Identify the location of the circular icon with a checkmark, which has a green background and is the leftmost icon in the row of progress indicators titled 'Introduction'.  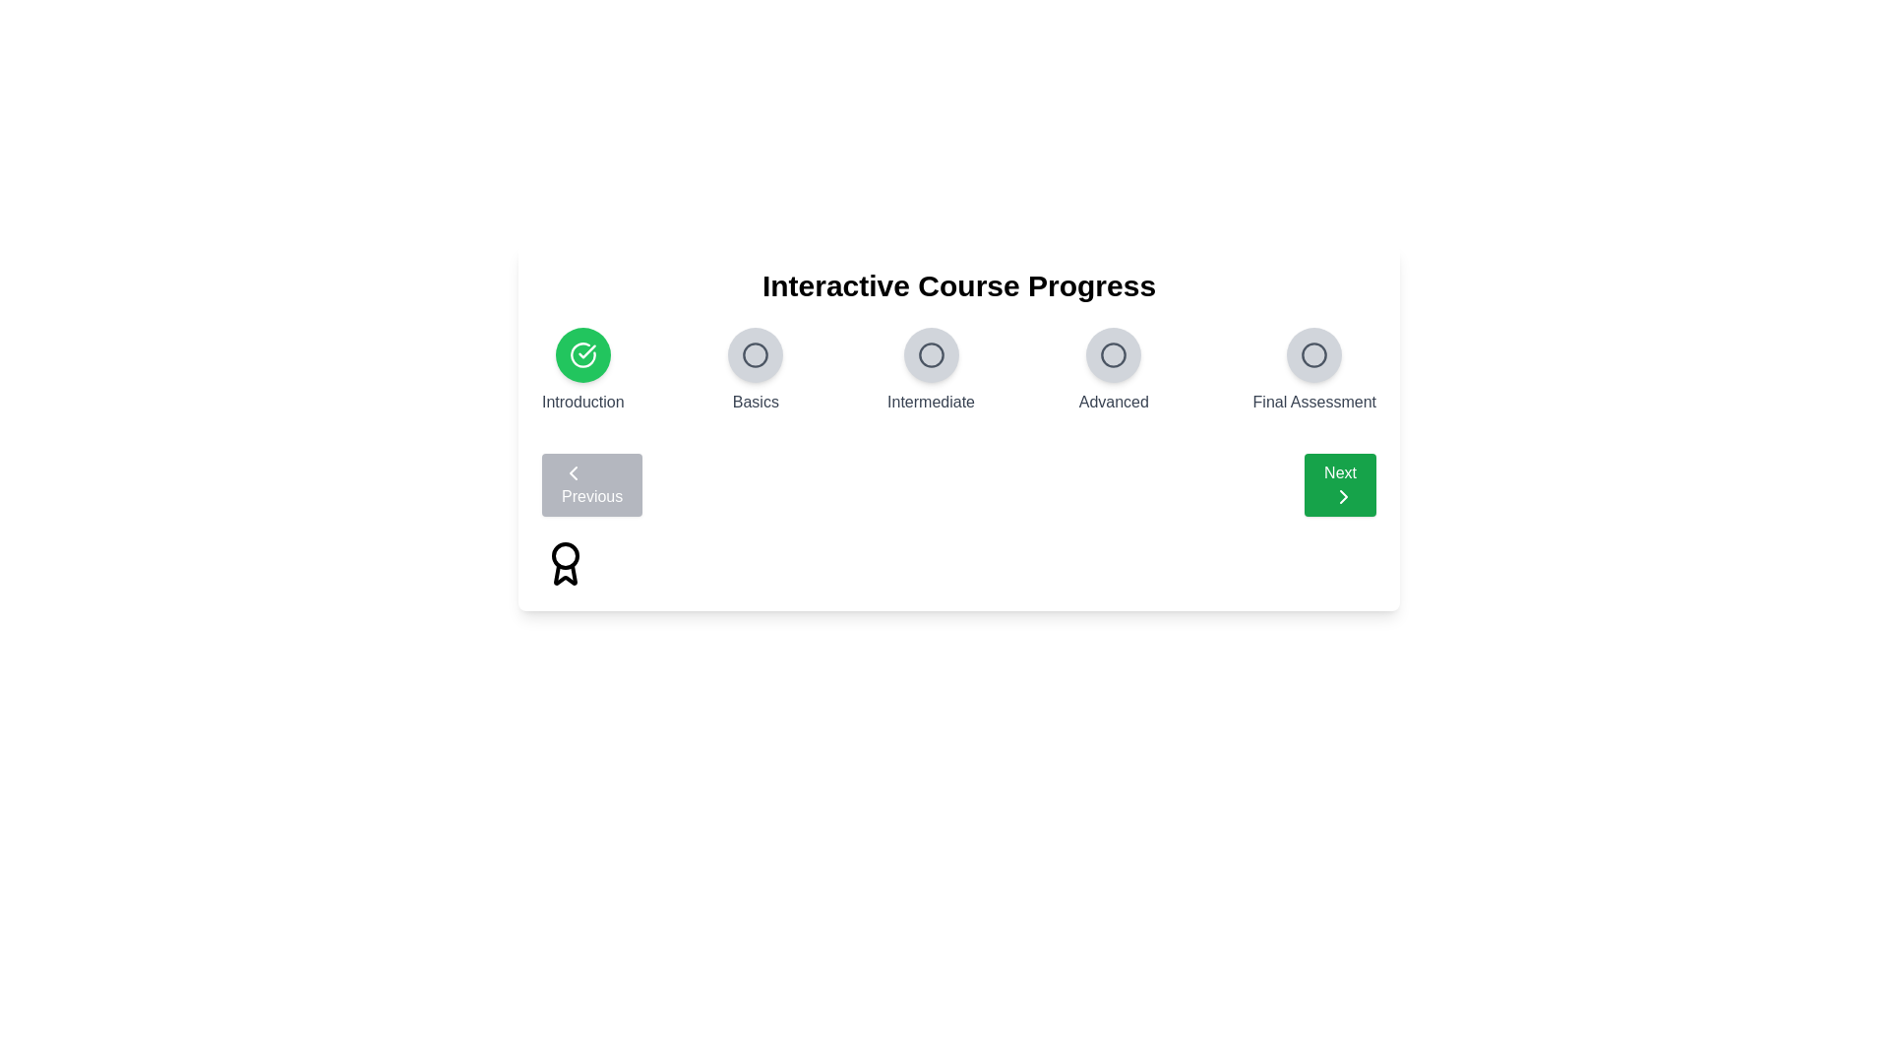
(581, 355).